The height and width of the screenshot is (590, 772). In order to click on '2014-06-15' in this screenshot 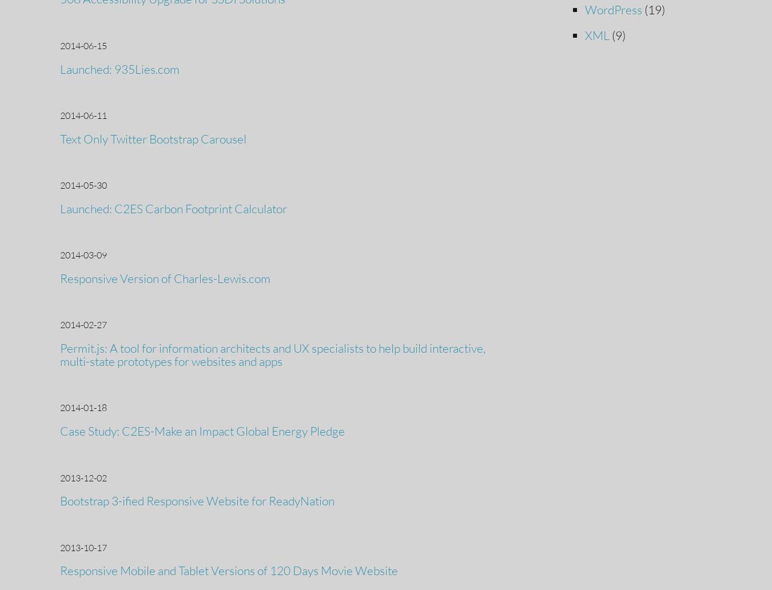, I will do `click(83, 45)`.